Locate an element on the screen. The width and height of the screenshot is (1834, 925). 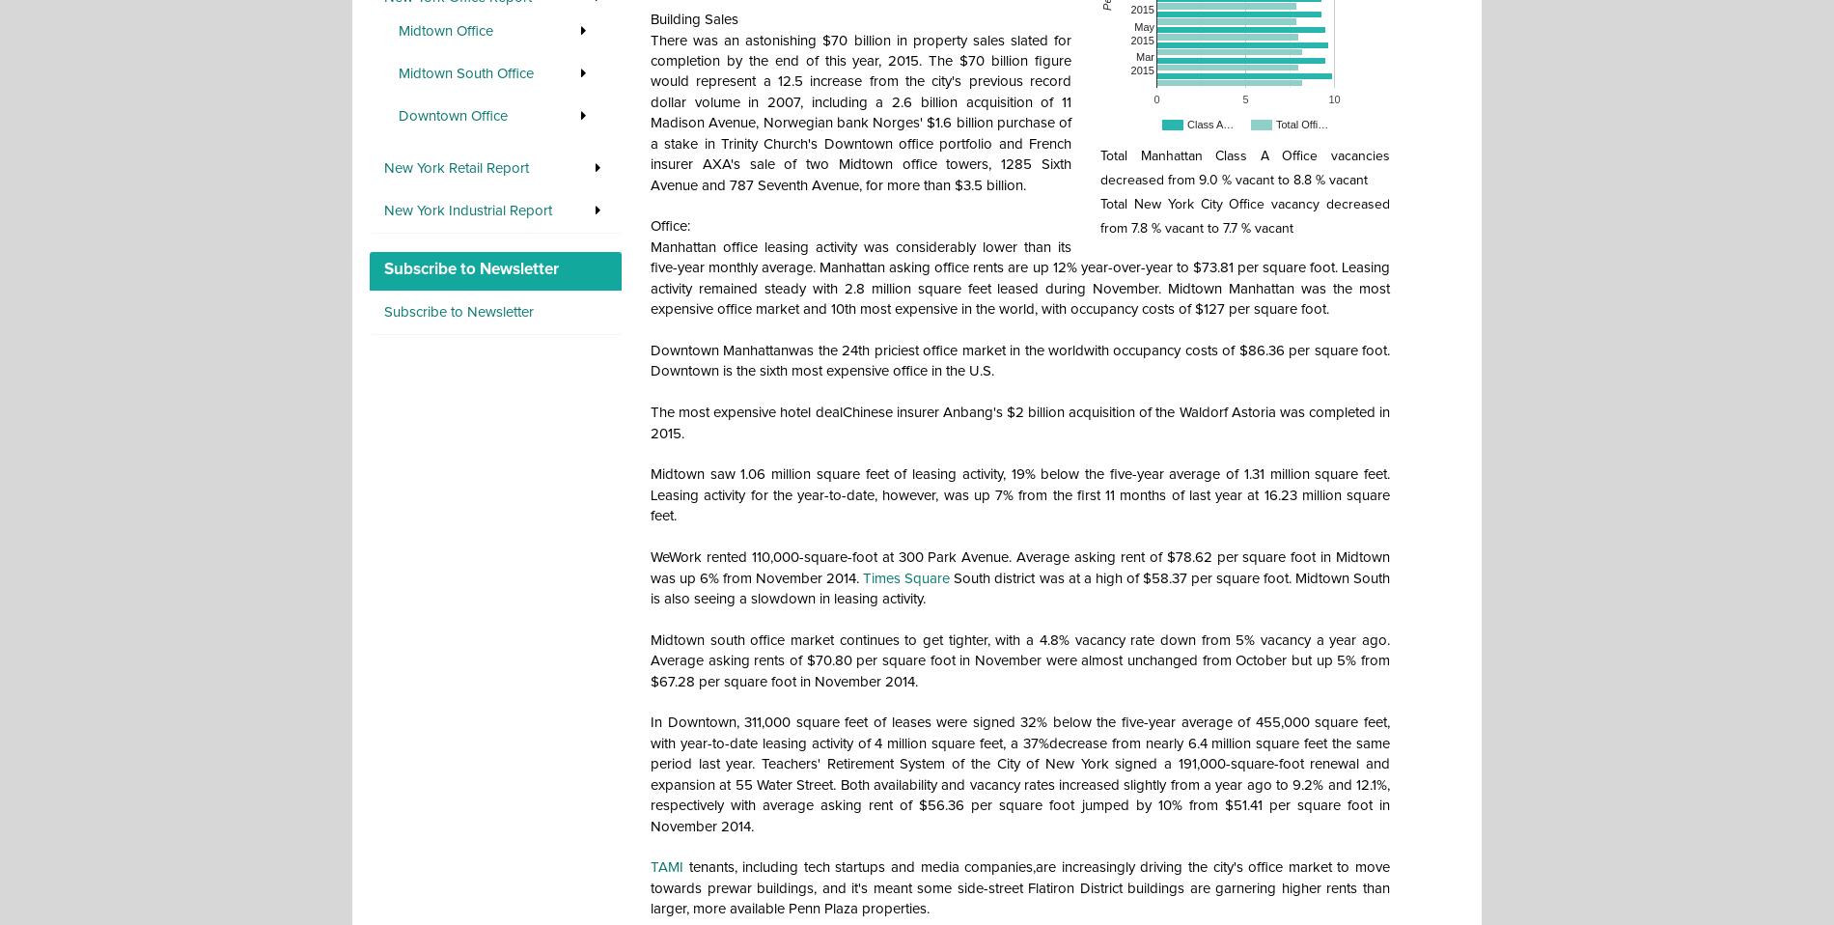
'There was an astonishing $70 billion in property sales slated for completion by the end of this year, 2015.  The $70 billion figure would represent a 12.5 increase from the city's previous record dollar volume in 2007, including a 2.6 billion acquisition of 11 Madison Avenue, Norwegian bank Norges' $1.6 billion purchase of a stake in Trinity Church's Downtown office portfolio and French insurer AXA's sale of two Midtown office towers, 1285 Sixth Avenue and 787 Seventh Avenue, for more than $3.5 billion.' is located at coordinates (860, 112).